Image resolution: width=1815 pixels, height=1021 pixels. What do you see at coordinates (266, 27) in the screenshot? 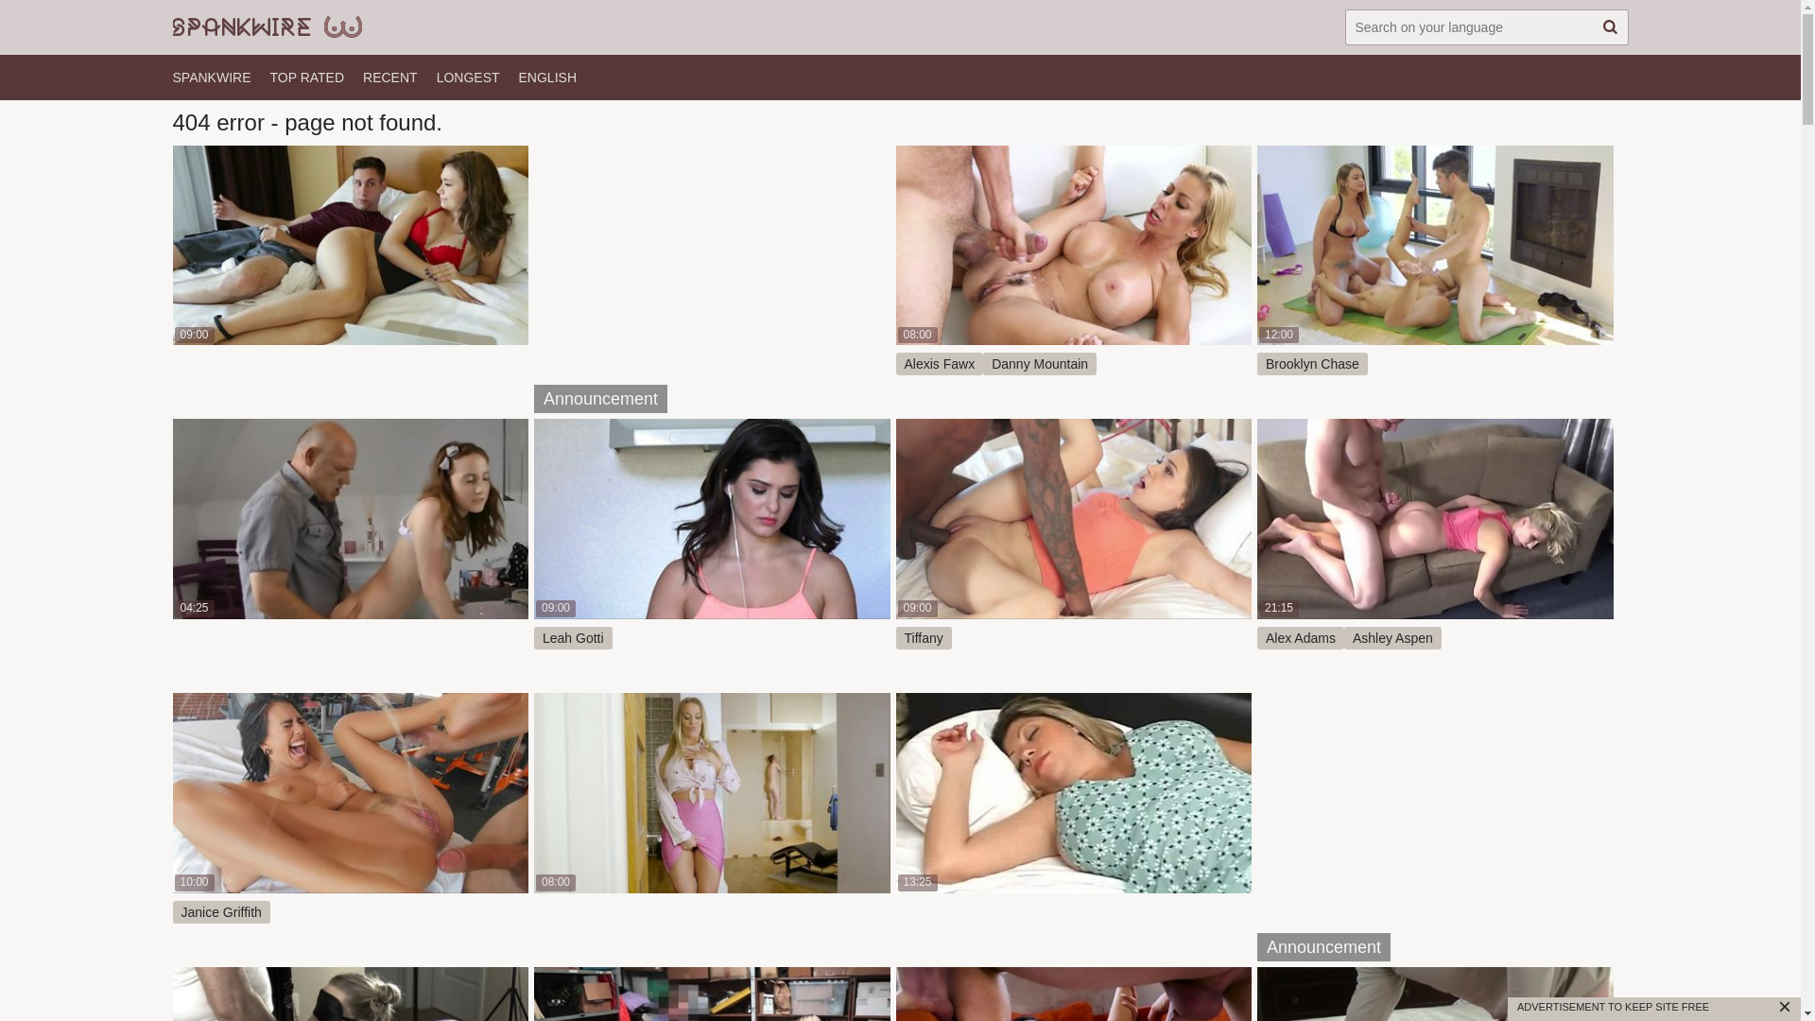
I see `'SpankWire'` at bounding box center [266, 27].